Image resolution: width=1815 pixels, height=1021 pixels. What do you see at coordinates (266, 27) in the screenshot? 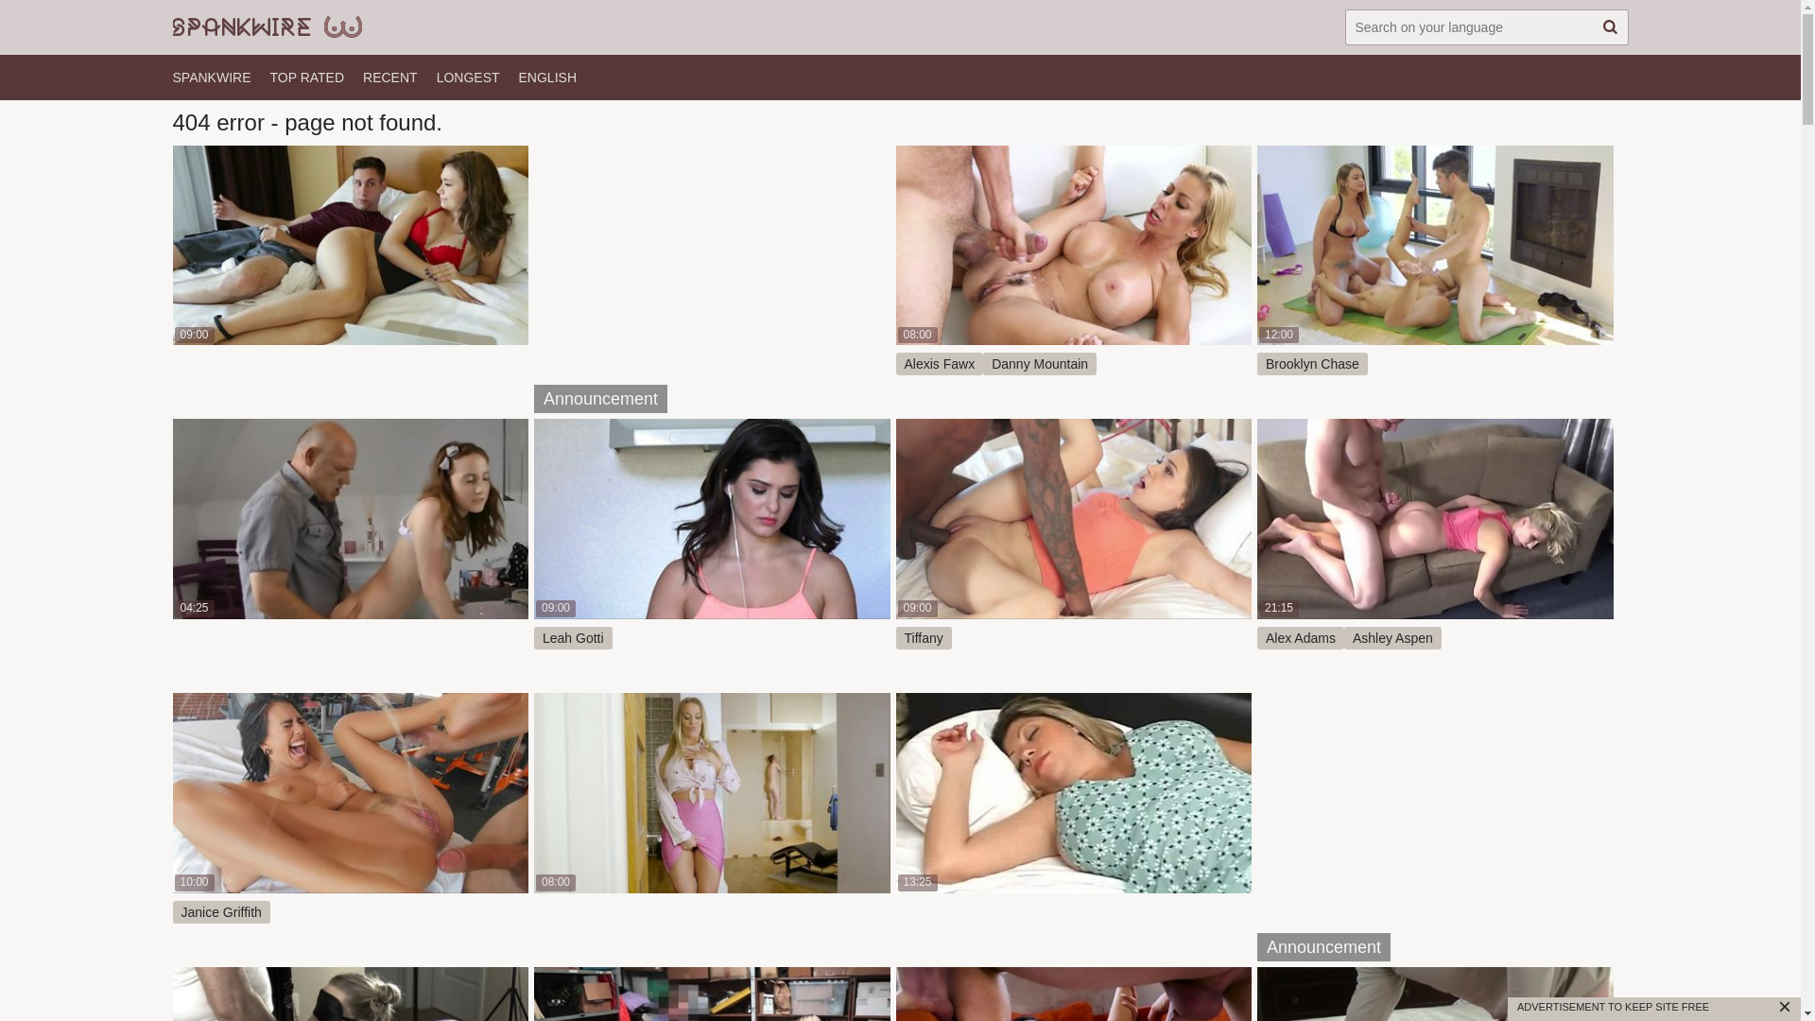
I see `'SpankWire'` at bounding box center [266, 27].